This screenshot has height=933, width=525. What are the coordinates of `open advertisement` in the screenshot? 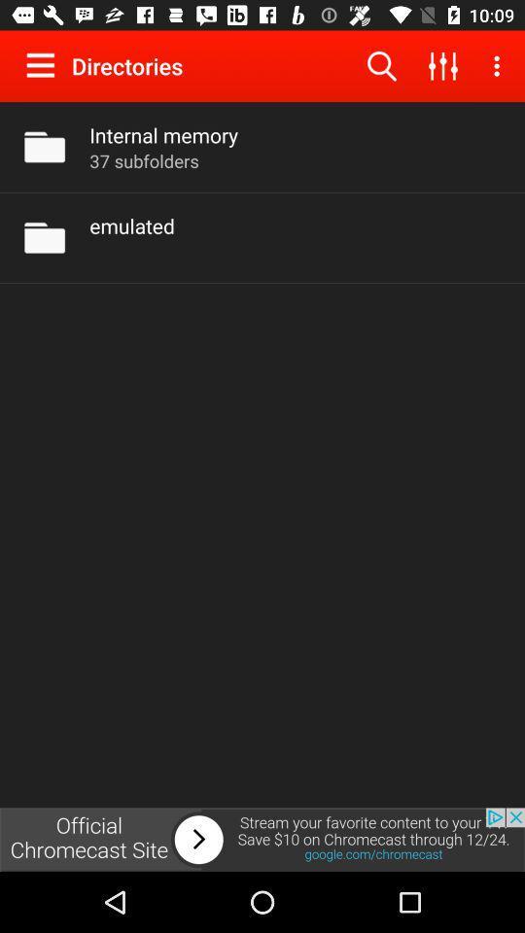 It's located at (262, 839).